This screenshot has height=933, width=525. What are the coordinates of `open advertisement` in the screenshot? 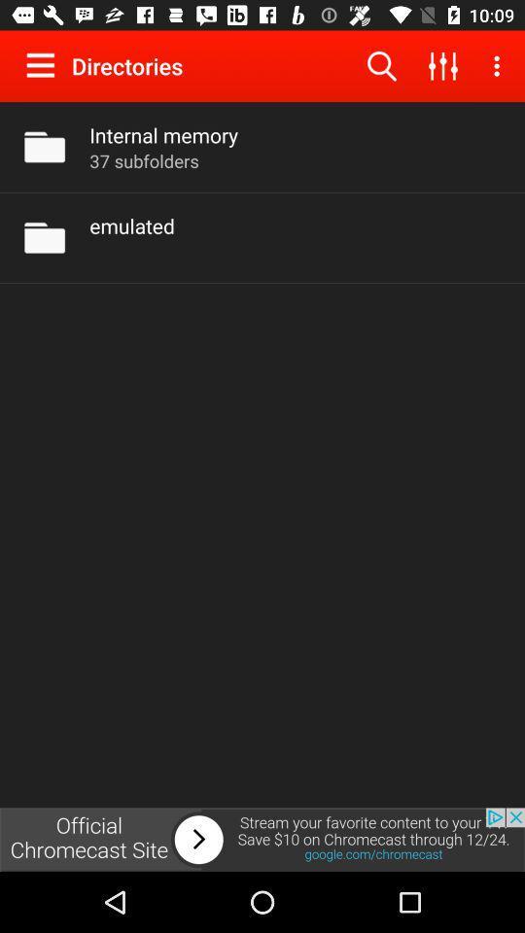 It's located at (262, 839).